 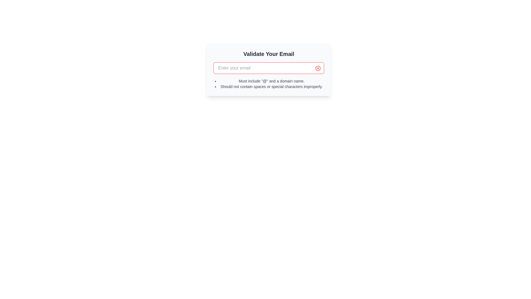 I want to click on the clear icon button located at the top-right corner of the email input field to clear its content, so click(x=318, y=68).